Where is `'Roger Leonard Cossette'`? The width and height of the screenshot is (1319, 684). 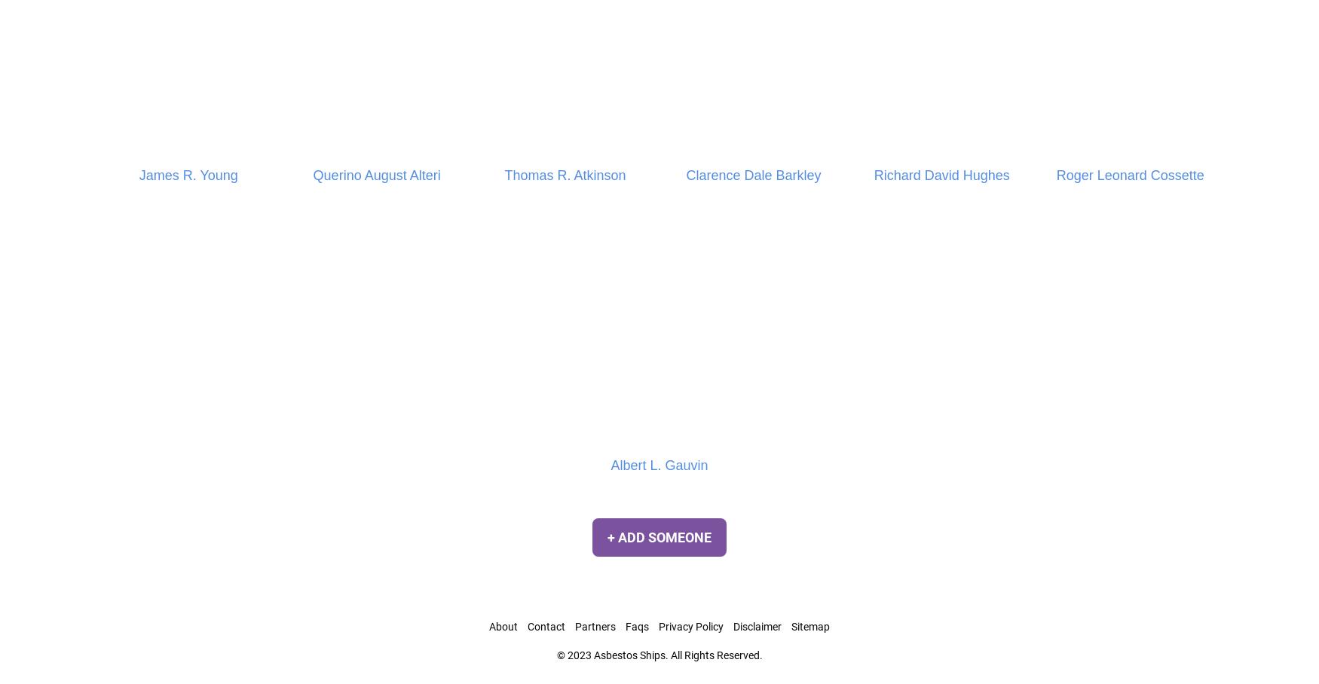 'Roger Leonard Cossette' is located at coordinates (1130, 173).